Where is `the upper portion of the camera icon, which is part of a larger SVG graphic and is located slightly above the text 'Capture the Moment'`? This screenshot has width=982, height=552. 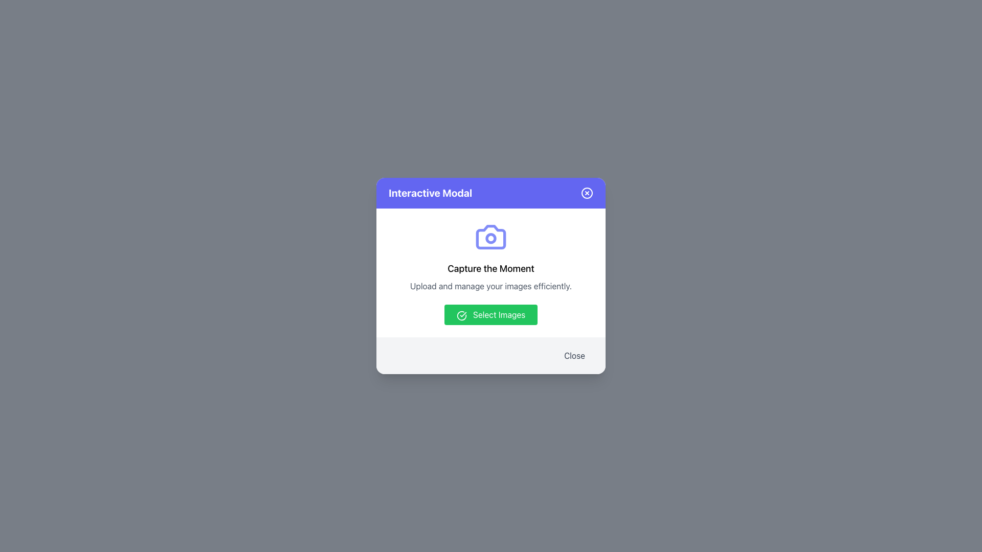
the upper portion of the camera icon, which is part of a larger SVG graphic and is located slightly above the text 'Capture the Moment' is located at coordinates (491, 237).